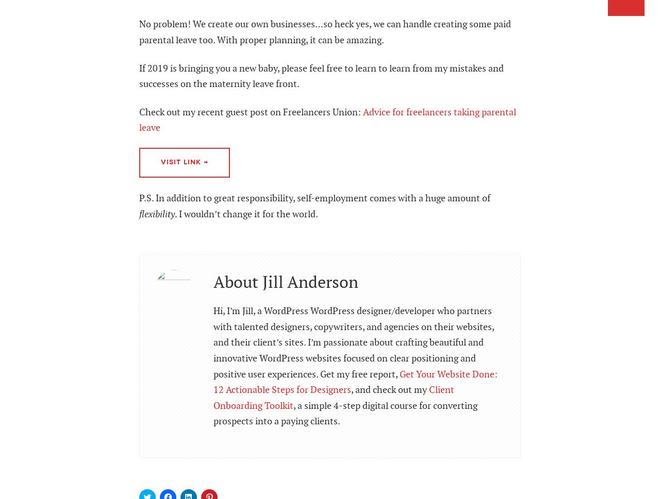  I want to click on 'No problem! We create our own businesses…so heck yes, we can handle creating some paid parental leave too. With proper planning, it can be amazing.', so click(324, 31).